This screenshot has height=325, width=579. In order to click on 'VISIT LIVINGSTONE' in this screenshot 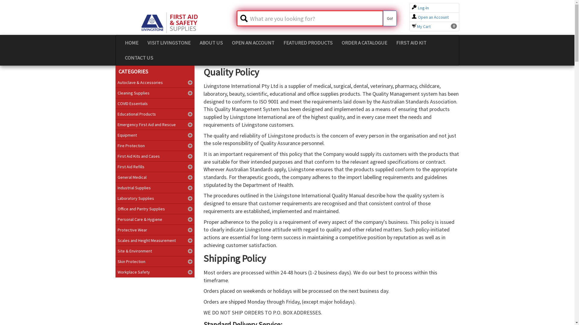, I will do `click(169, 42)`.